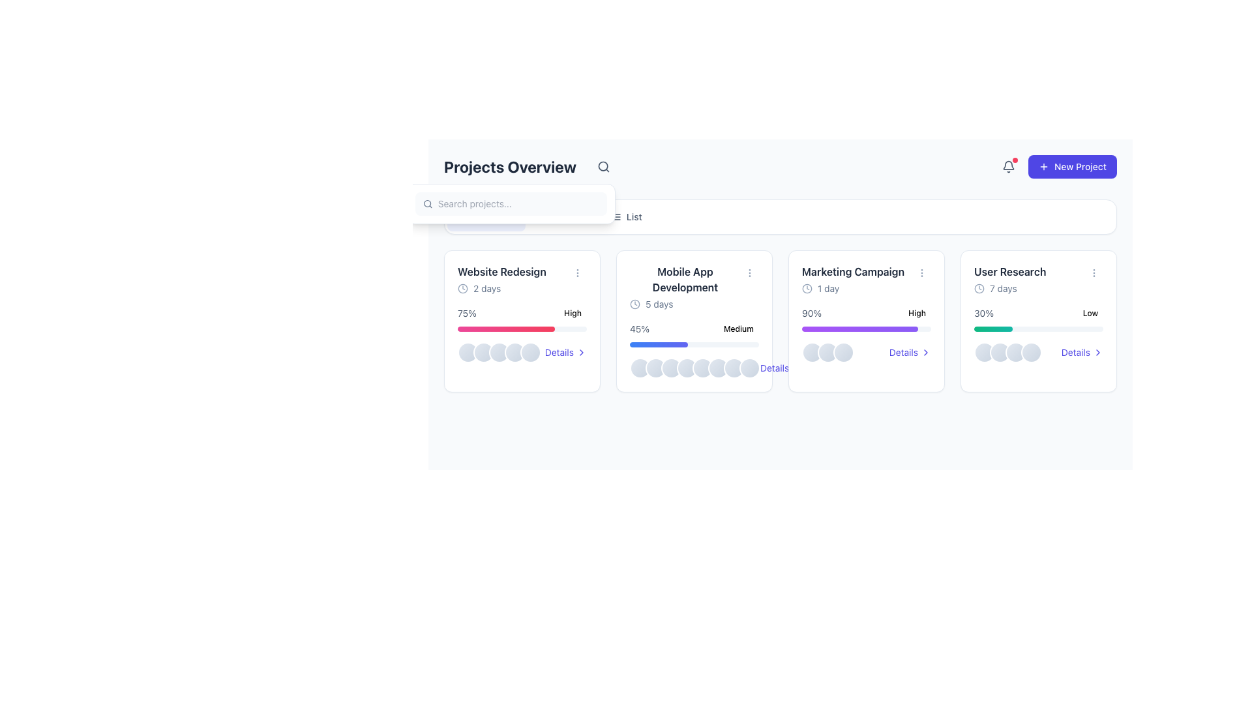 Image resolution: width=1252 pixels, height=704 pixels. Describe the element at coordinates (522, 329) in the screenshot. I see `the horizontal progress bar located under the 'Website Redesign' heading, which has a light gray background and a gradient filled portion transitioning from pink to rose` at that location.